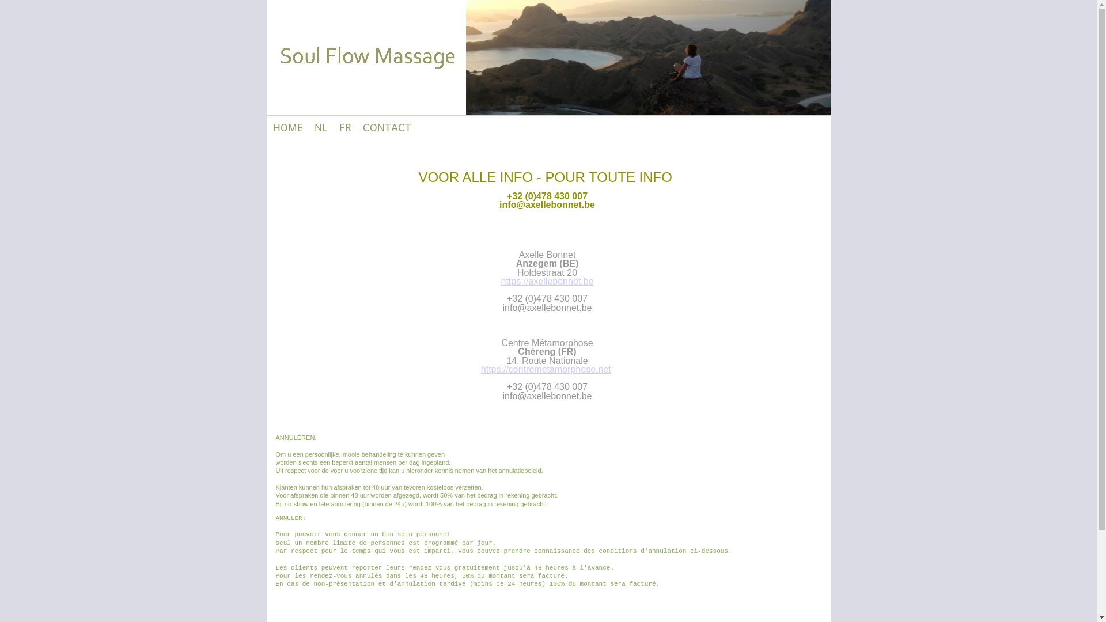 This screenshot has width=1106, height=622. What do you see at coordinates (500, 281) in the screenshot?
I see `'https://axellebonnet.be'` at bounding box center [500, 281].